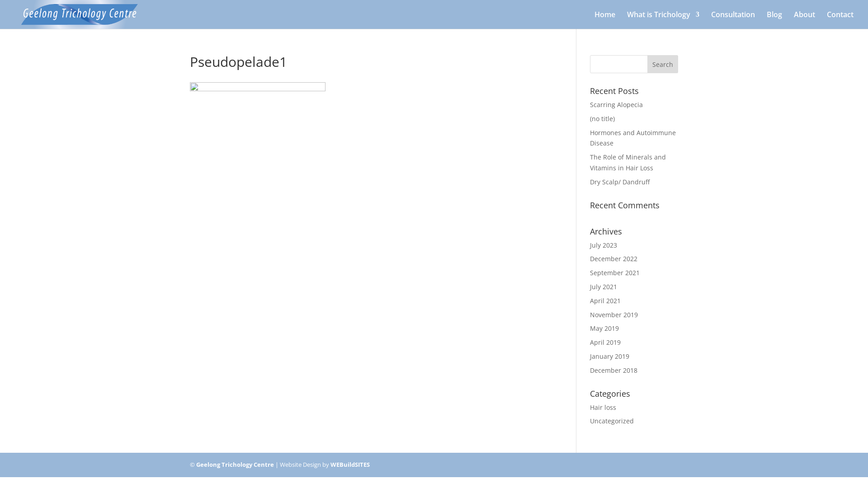 The width and height of the screenshot is (868, 488). I want to click on 'Dry Scalp/ Dandruff', so click(619, 182).